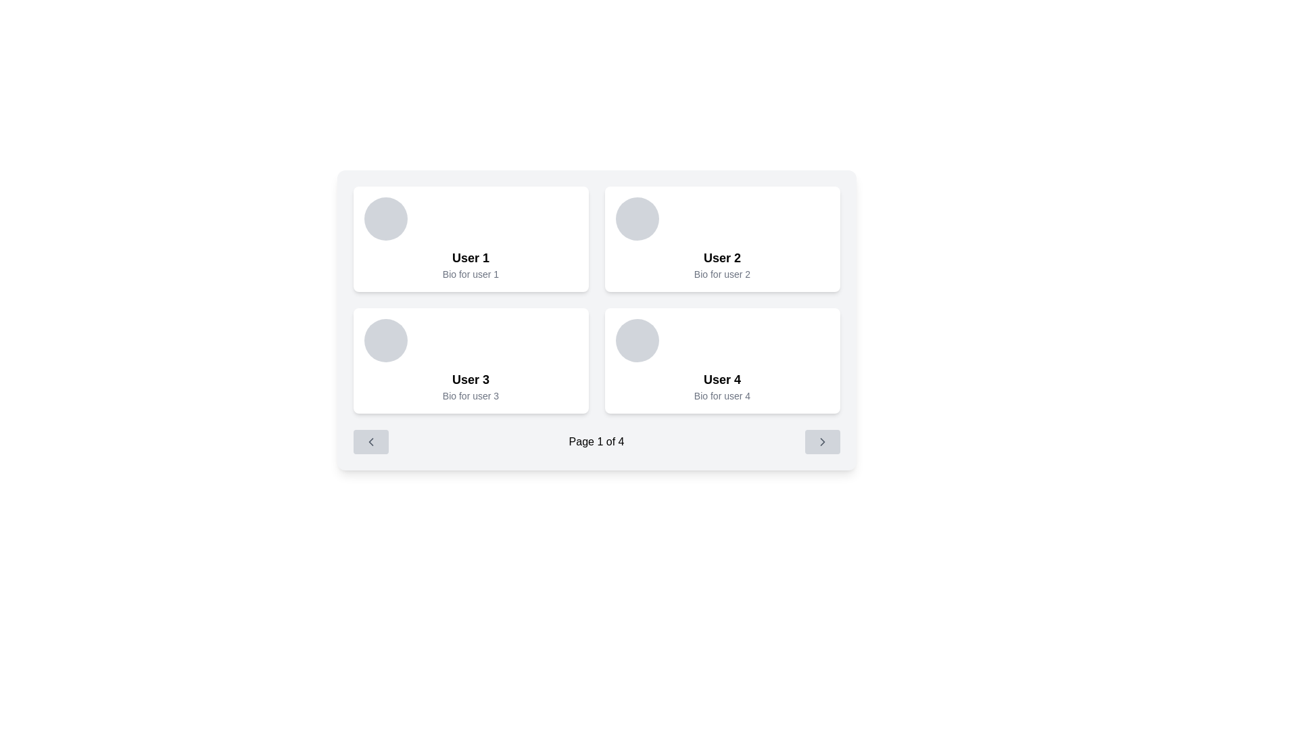 The height and width of the screenshot is (730, 1298). Describe the element at coordinates (721, 395) in the screenshot. I see `the text label that provides a brief biography or tagline about 'User 4', located at the bottom part of 'User 4's card in the bottom-right quadrant of the grid layout` at that location.